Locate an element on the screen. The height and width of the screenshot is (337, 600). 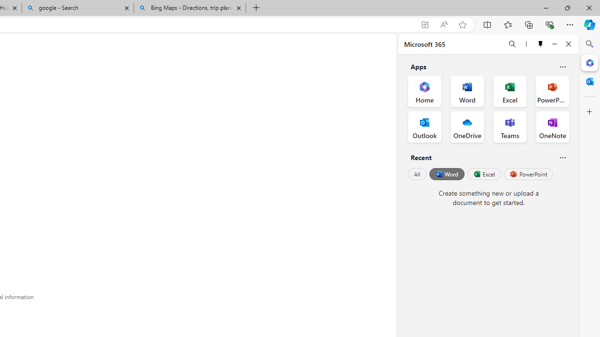
'Excel' is located at coordinates (484, 174).